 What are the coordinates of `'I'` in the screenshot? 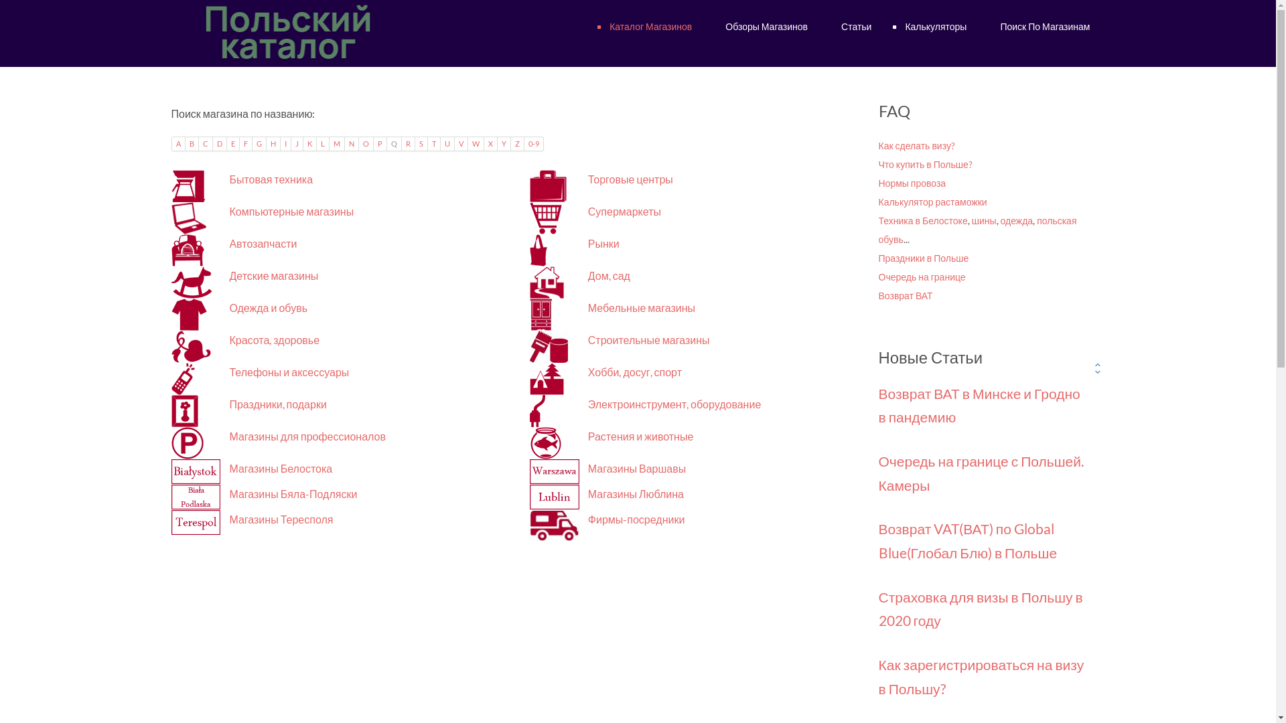 It's located at (285, 144).